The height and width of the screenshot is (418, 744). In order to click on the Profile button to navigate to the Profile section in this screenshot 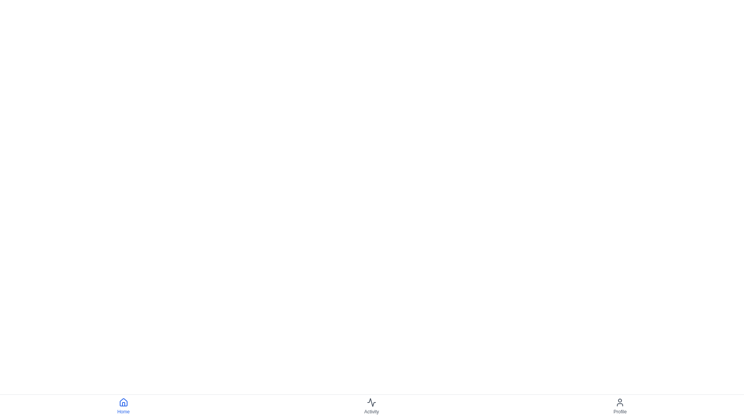, I will do `click(619, 406)`.